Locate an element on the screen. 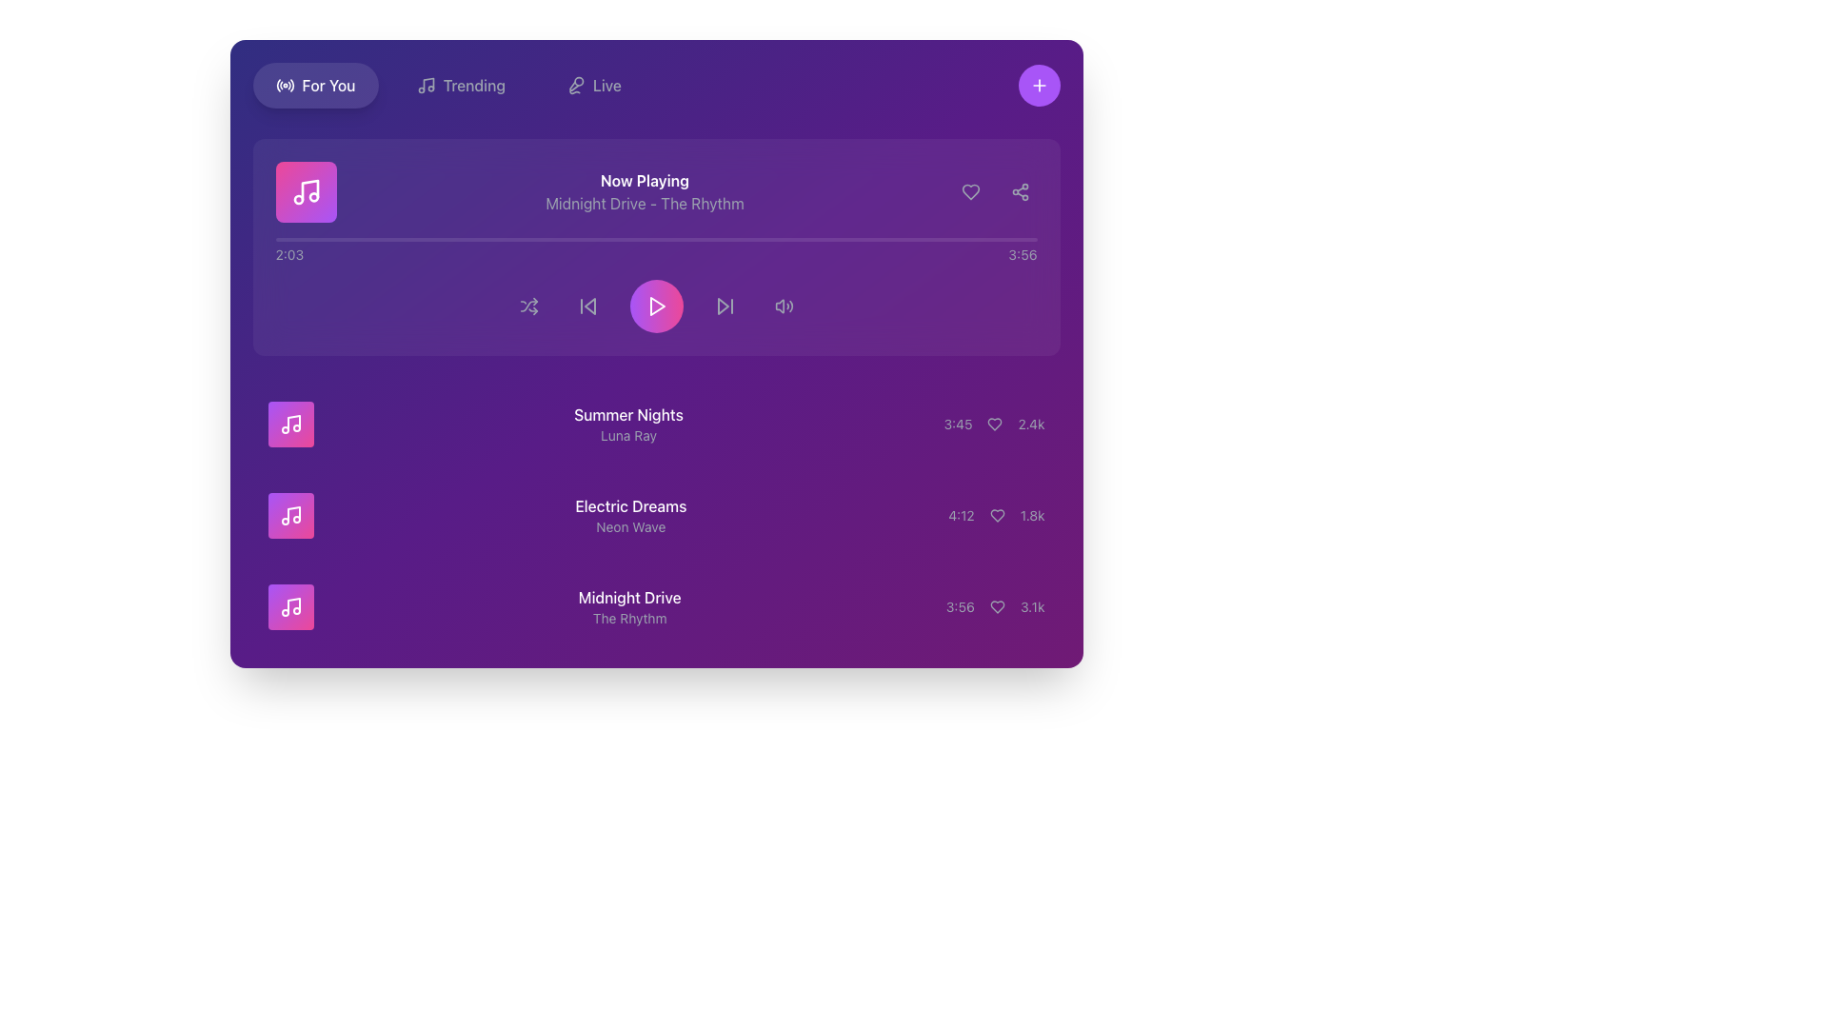  contextual information provided by the subtitle text label for the song 'Midnight Drive,' which is located directly beneath its main title in the music library listing interface is located at coordinates (629, 619).